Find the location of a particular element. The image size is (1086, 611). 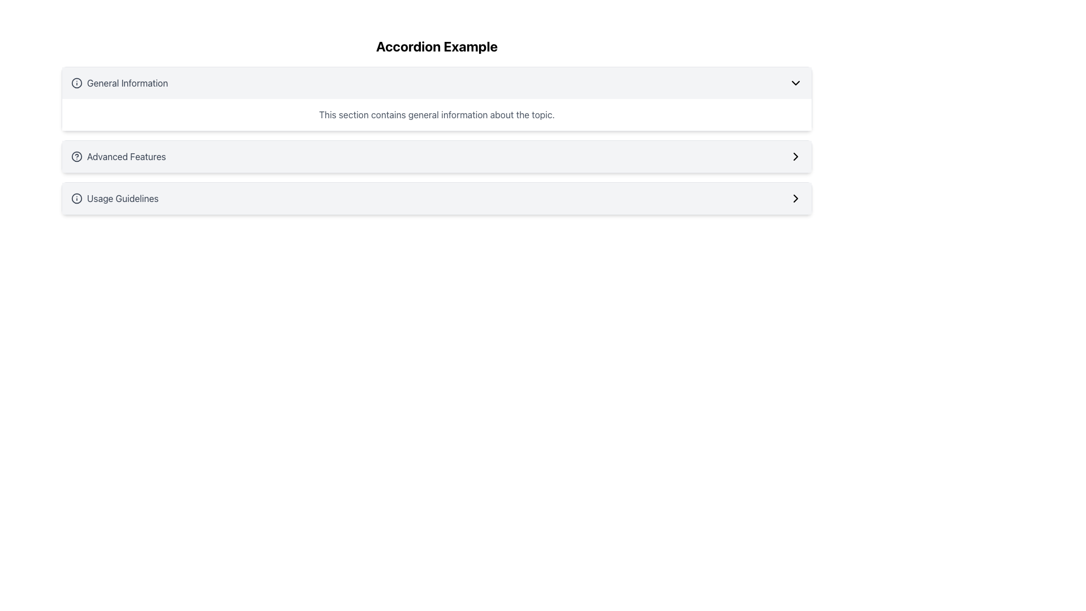

the rightward-pointing chevron icon in the 'Advanced Features' section is located at coordinates (795, 157).